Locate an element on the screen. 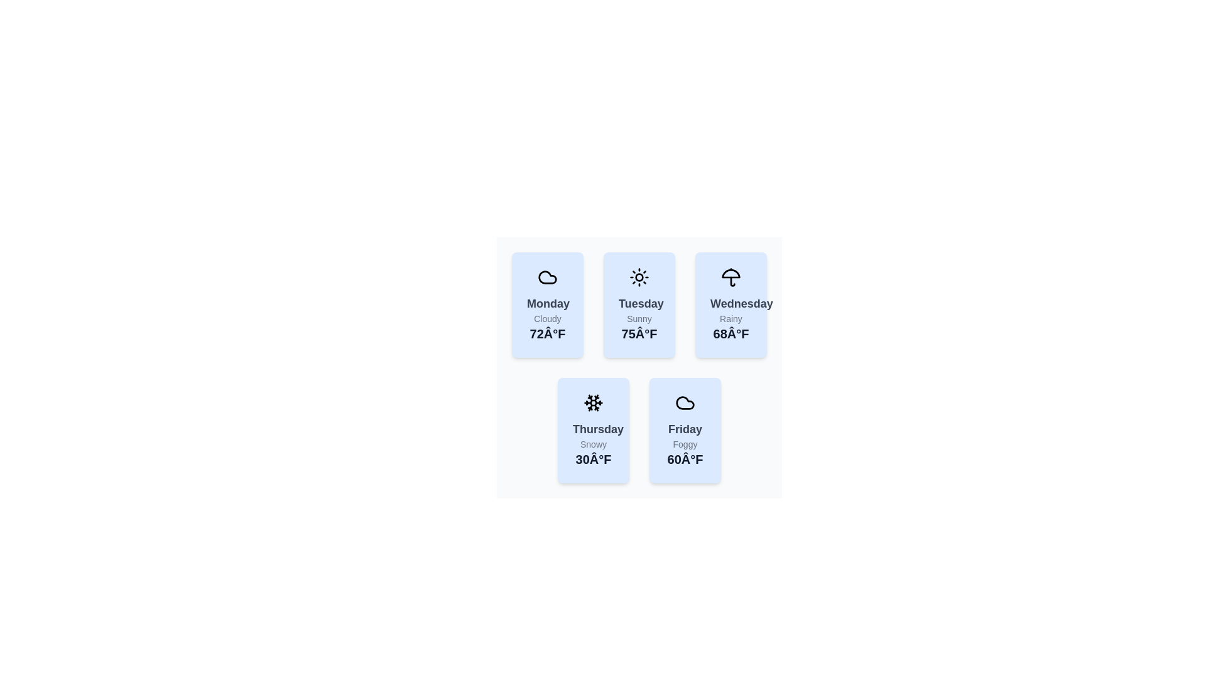  the bold text displaying '60°F' located at the bottom of the weather card for Friday is located at coordinates (684, 460).